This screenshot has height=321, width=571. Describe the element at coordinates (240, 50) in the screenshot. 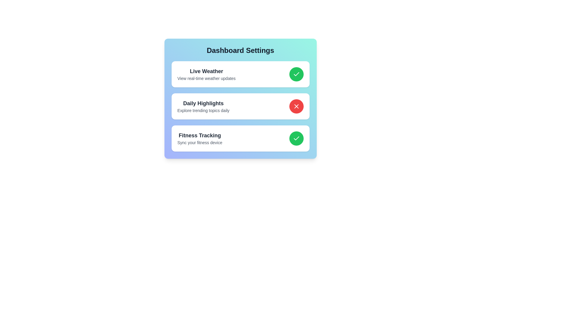

I see `the title of the Dashboard Settings panel` at that location.